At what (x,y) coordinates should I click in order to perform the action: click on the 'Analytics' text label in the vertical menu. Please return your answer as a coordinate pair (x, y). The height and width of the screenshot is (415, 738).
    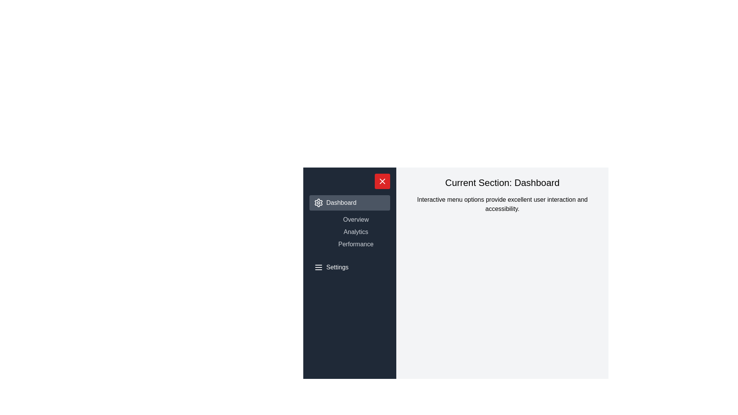
    Looking at the image, I should click on (356, 232).